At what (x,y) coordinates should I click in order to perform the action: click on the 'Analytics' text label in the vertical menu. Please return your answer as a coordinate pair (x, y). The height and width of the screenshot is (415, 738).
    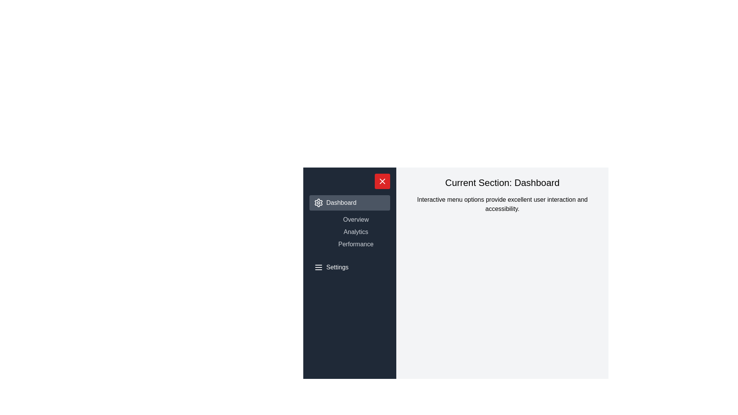
    Looking at the image, I should click on (356, 232).